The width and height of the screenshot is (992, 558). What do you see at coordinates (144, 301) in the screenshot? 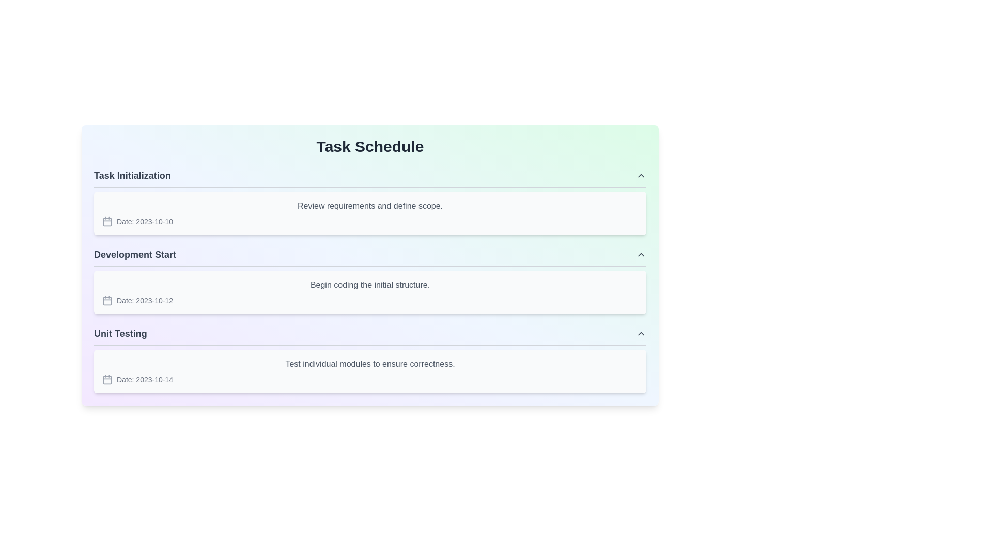
I see `the static text display that reads 'Date: 2023-10-12', which is positioned to the right of the calendar icon in the 'Development Start' section` at bounding box center [144, 301].